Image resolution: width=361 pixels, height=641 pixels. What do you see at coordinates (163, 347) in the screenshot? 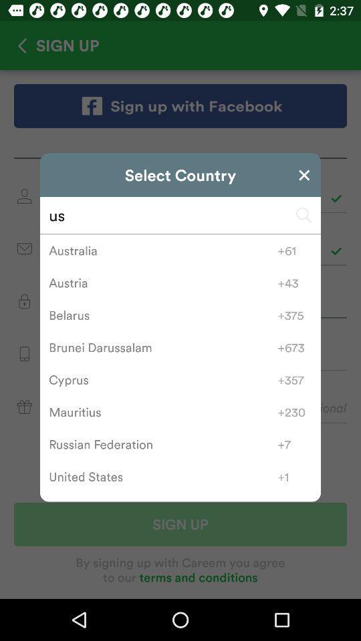
I see `the icon below belarus item` at bounding box center [163, 347].